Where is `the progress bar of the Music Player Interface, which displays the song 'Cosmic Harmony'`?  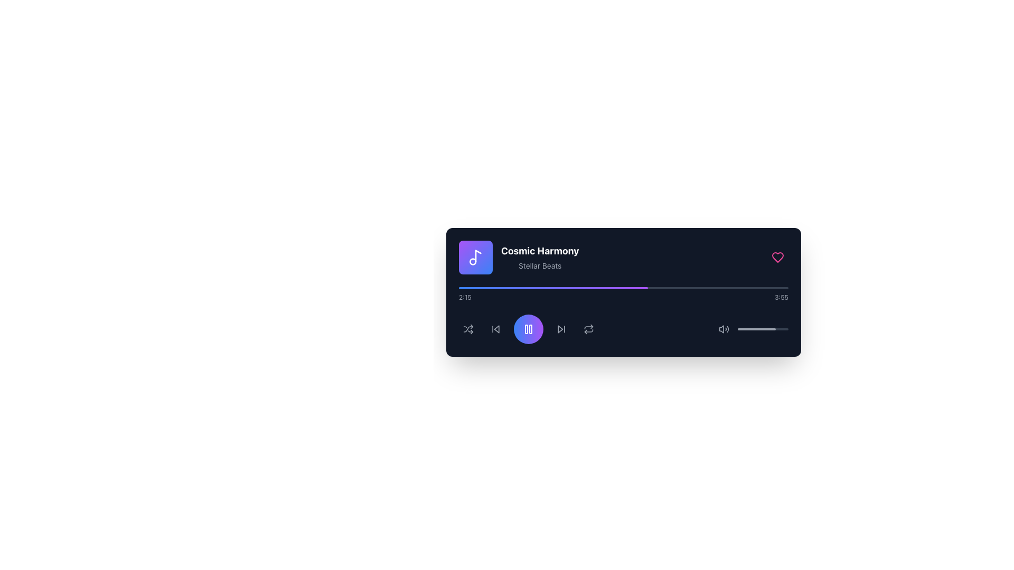
the progress bar of the Music Player Interface, which displays the song 'Cosmic Harmony' is located at coordinates (623, 292).